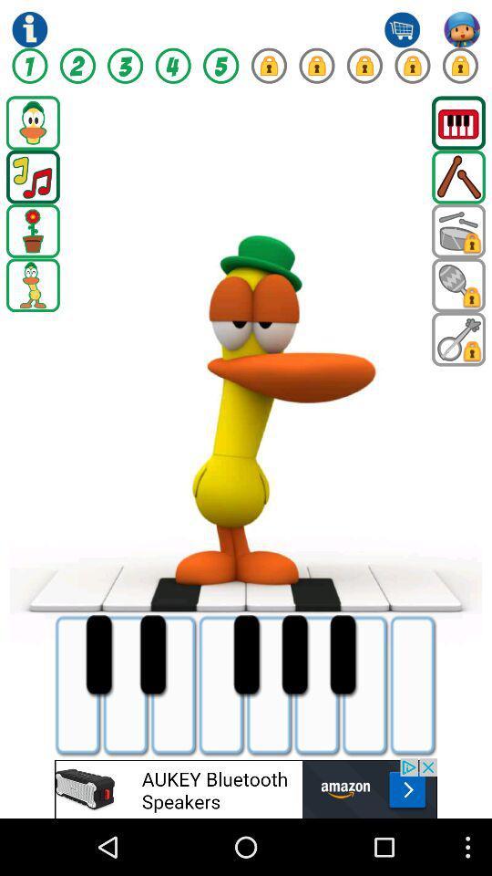 This screenshot has width=492, height=876. Describe the element at coordinates (124, 66) in the screenshot. I see `number paga` at that location.